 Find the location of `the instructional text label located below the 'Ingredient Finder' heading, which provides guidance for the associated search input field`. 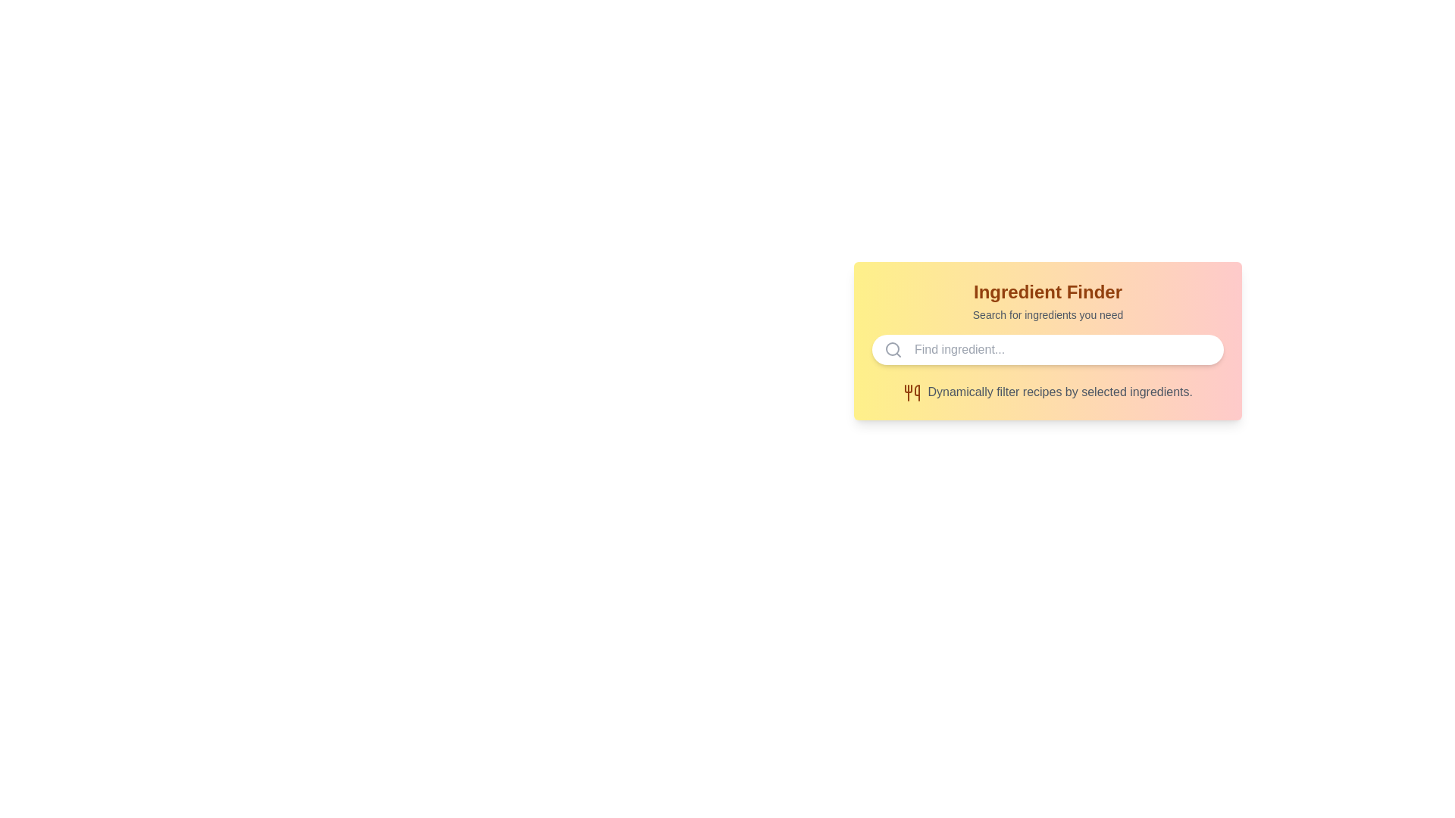

the instructional text label located below the 'Ingredient Finder' heading, which provides guidance for the associated search input field is located at coordinates (1047, 314).